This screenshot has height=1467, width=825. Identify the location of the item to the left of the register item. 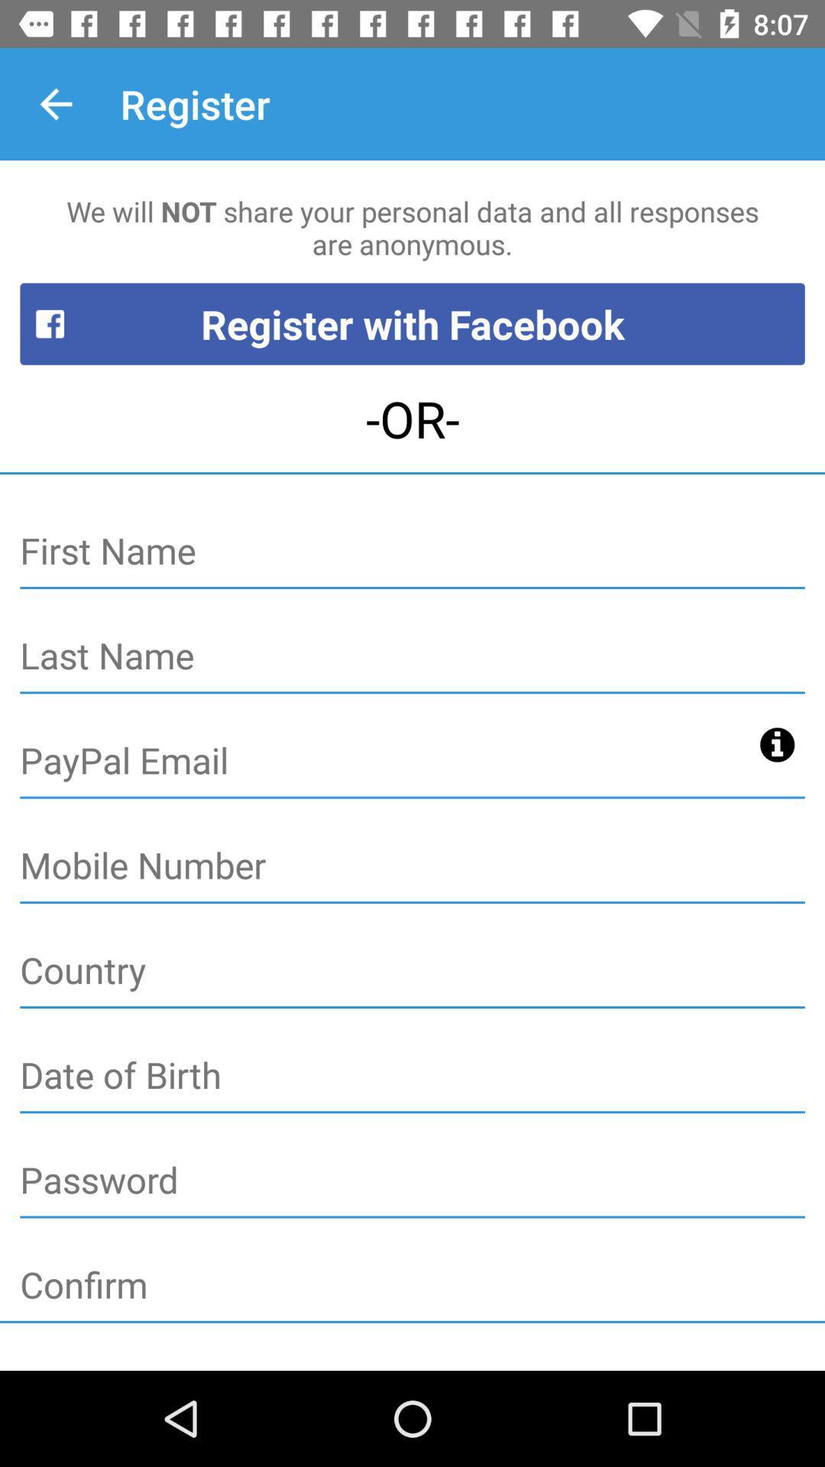
(55, 103).